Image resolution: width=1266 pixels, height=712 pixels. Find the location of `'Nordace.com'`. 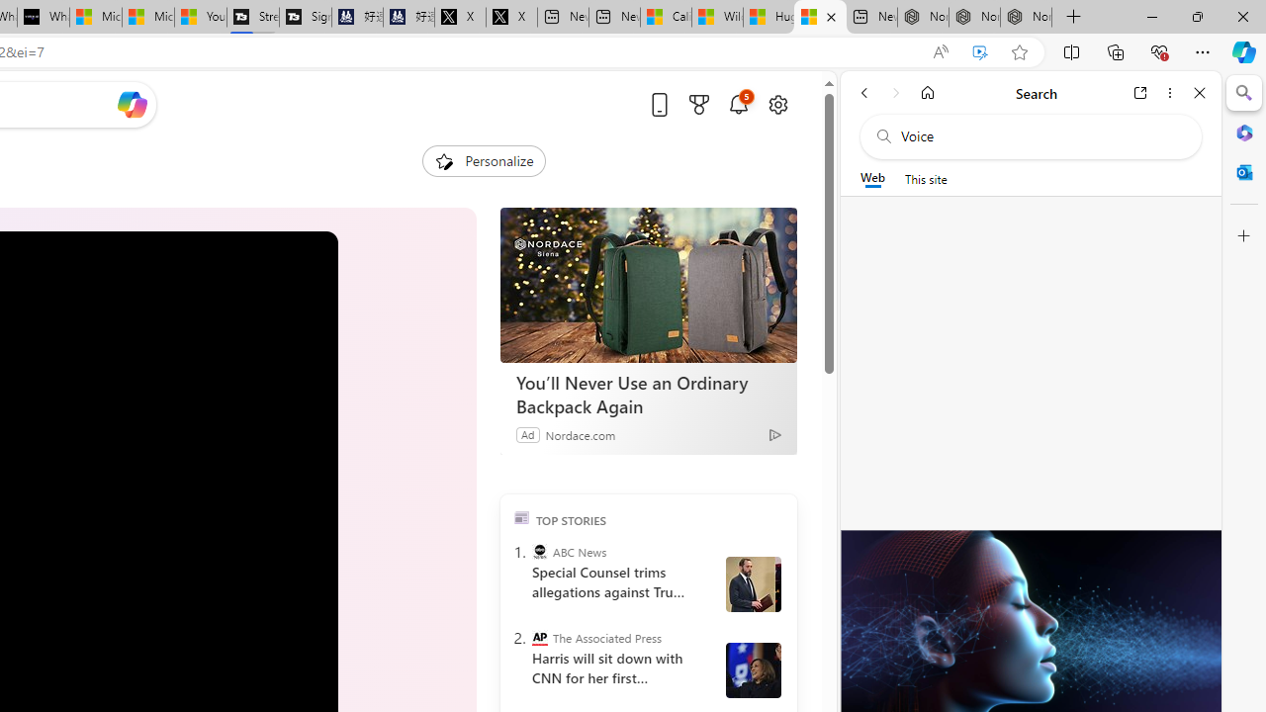

'Nordace.com' is located at coordinates (579, 433).